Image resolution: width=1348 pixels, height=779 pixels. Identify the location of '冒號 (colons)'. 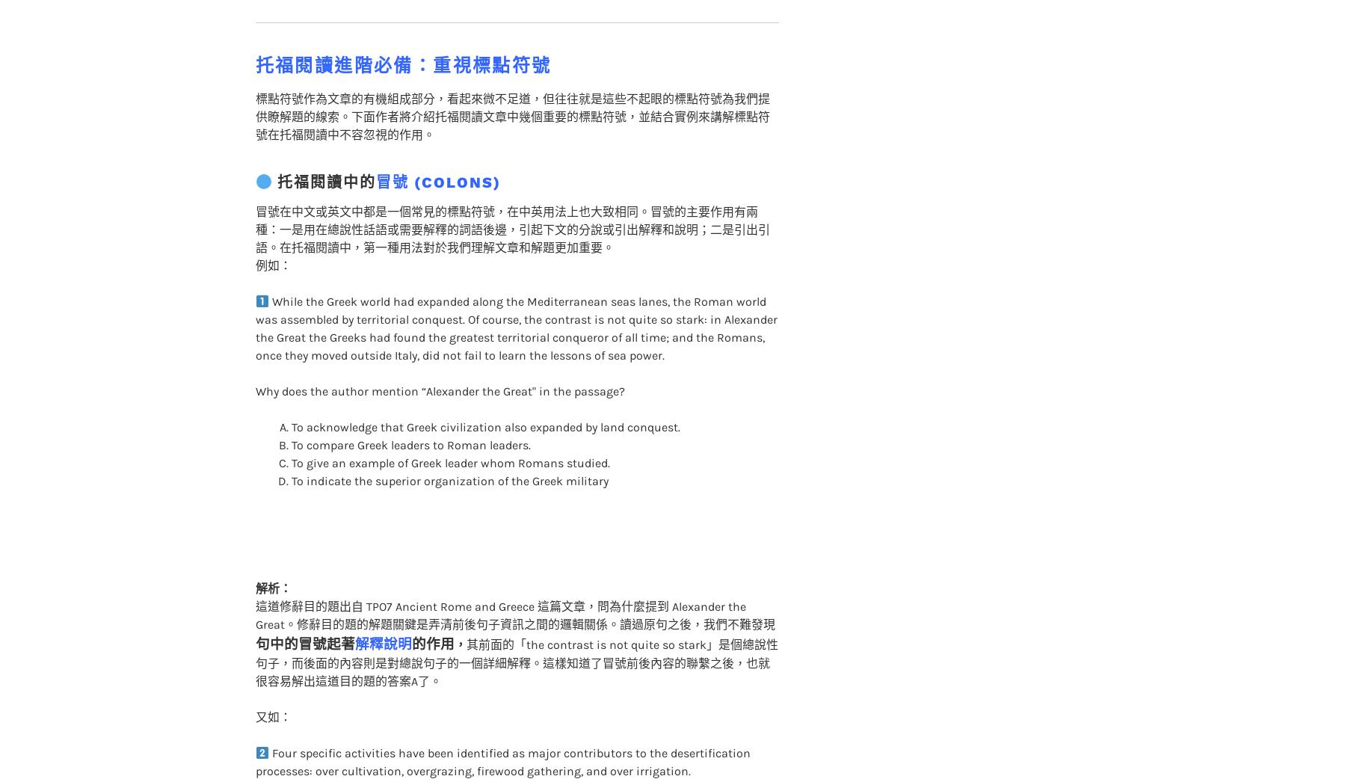
(438, 152).